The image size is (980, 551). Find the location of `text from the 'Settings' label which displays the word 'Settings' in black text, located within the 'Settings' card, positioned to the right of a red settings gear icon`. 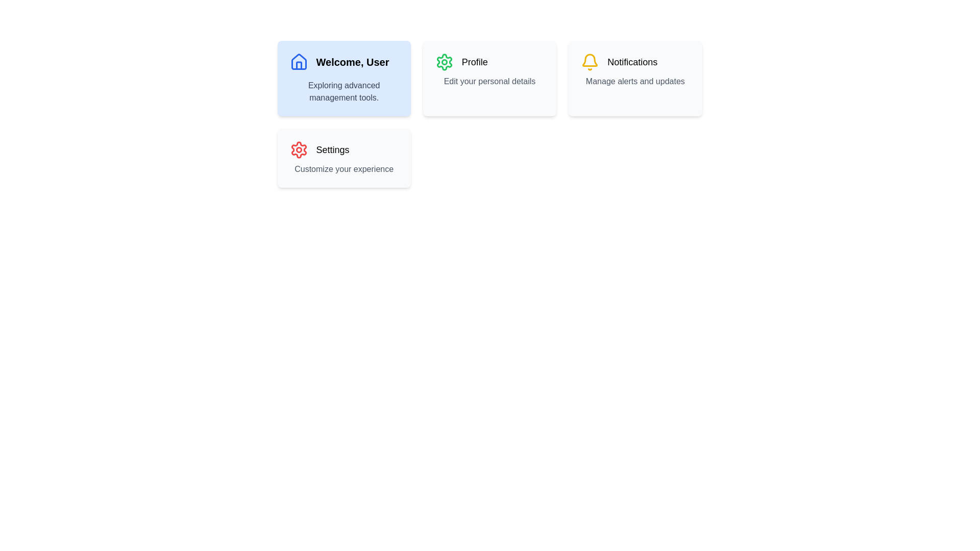

text from the 'Settings' label which displays the word 'Settings' in black text, located within the 'Settings' card, positioned to the right of a red settings gear icon is located at coordinates (333, 149).